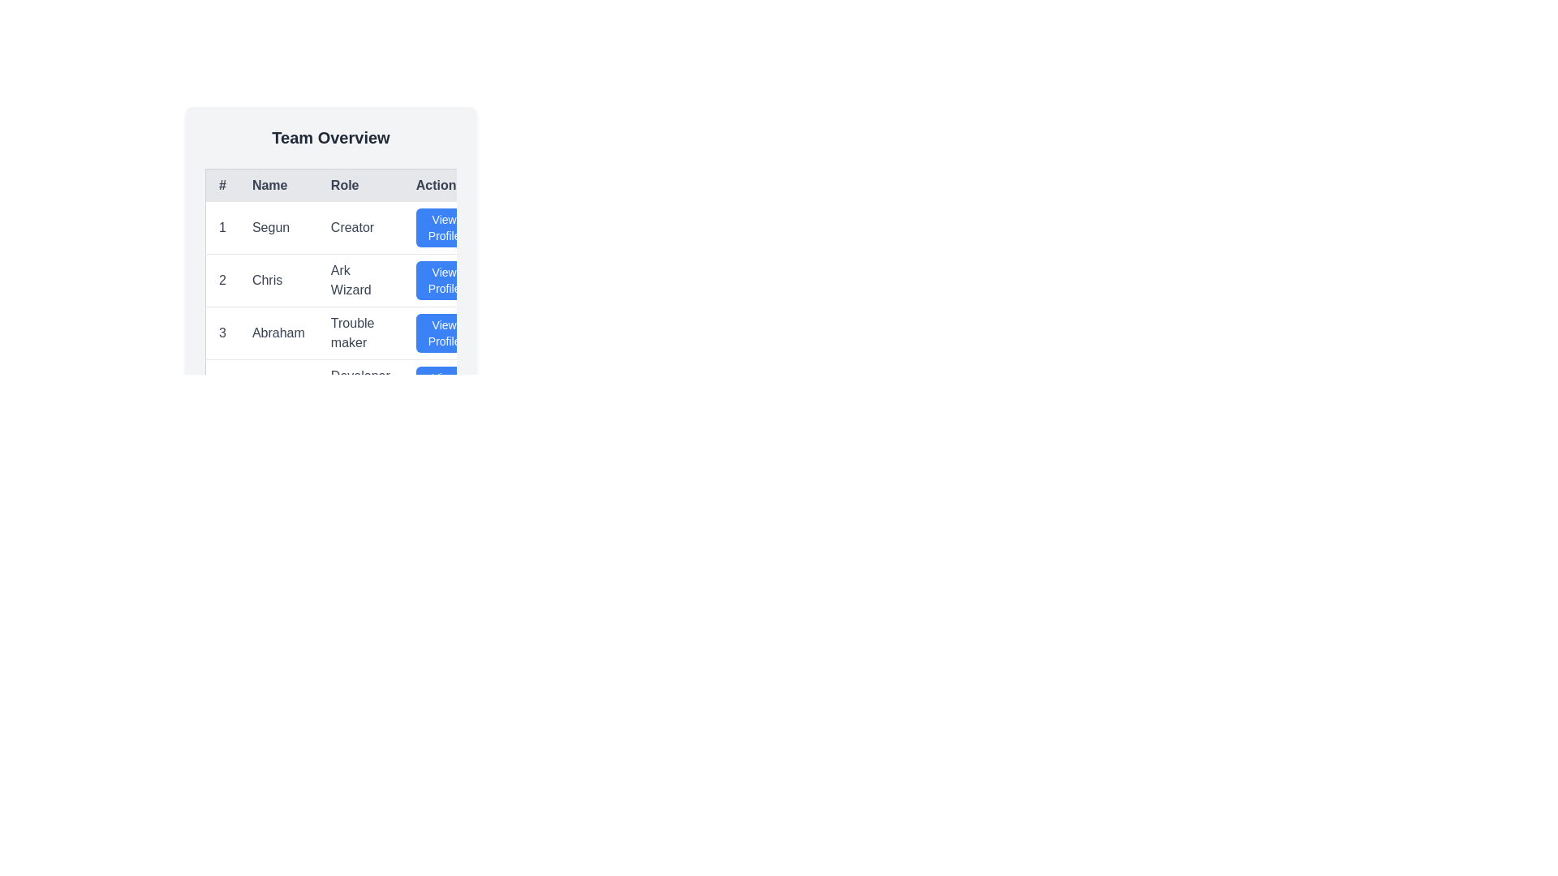 The width and height of the screenshot is (1558, 876). What do you see at coordinates (278, 184) in the screenshot?
I see `the 'Name' text label displayed in medium-sized, bold, black font within the second cell of the header row of the table layout` at bounding box center [278, 184].